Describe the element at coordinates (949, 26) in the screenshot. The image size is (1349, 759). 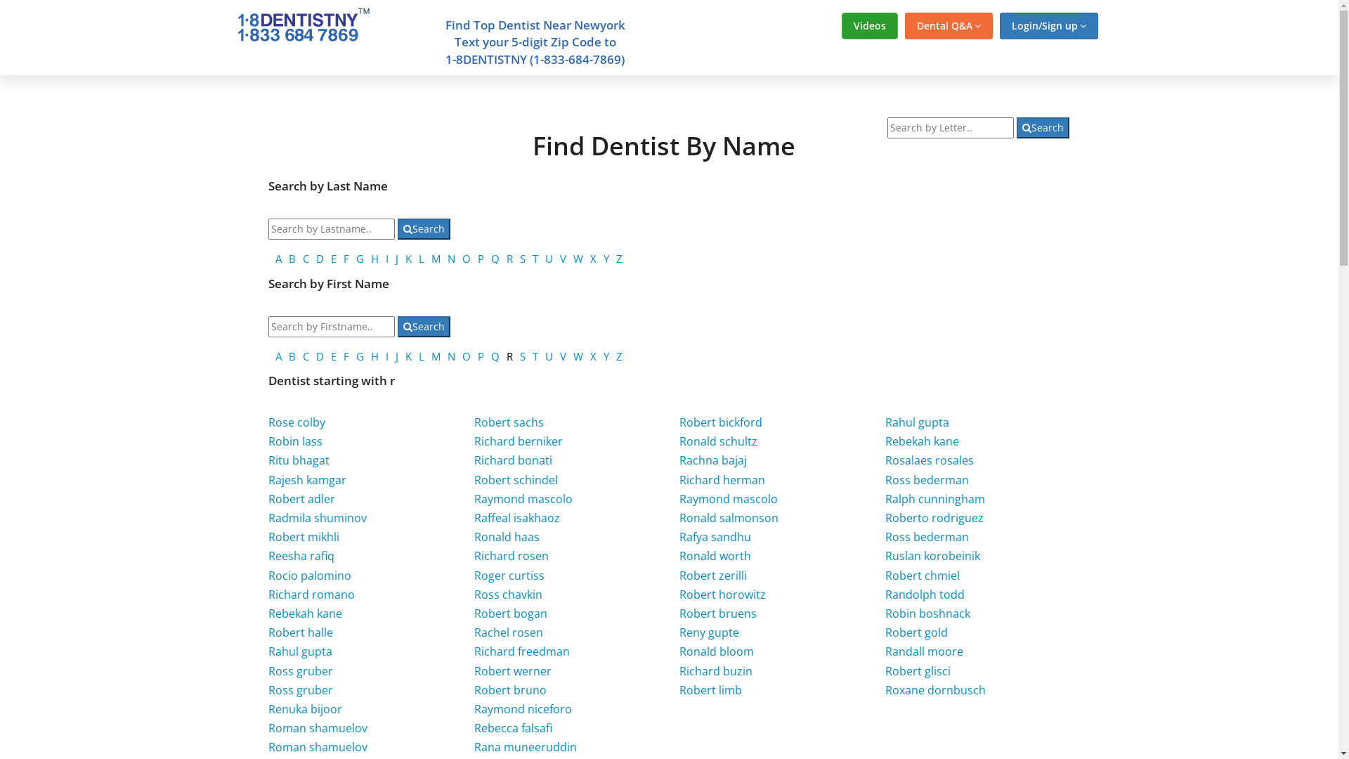
I see `'Dental Q&A'` at that location.